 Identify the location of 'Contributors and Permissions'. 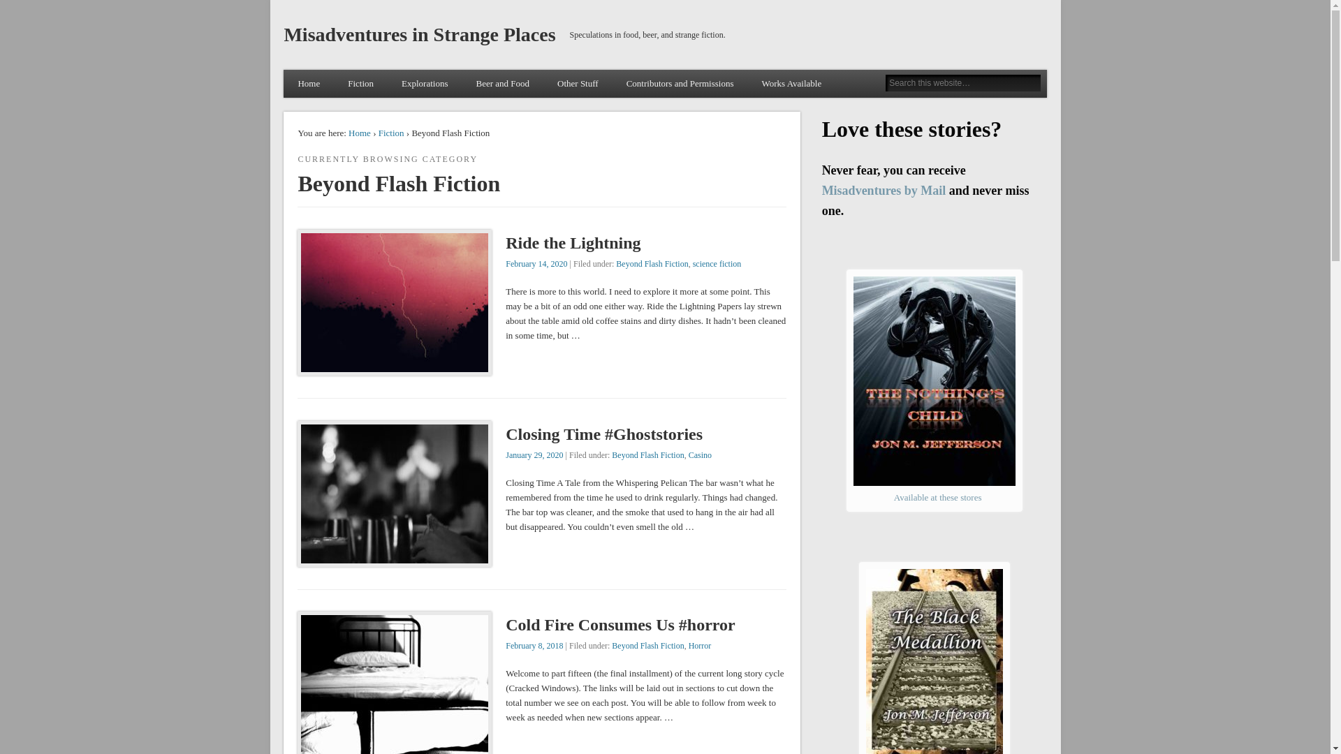
(613, 83).